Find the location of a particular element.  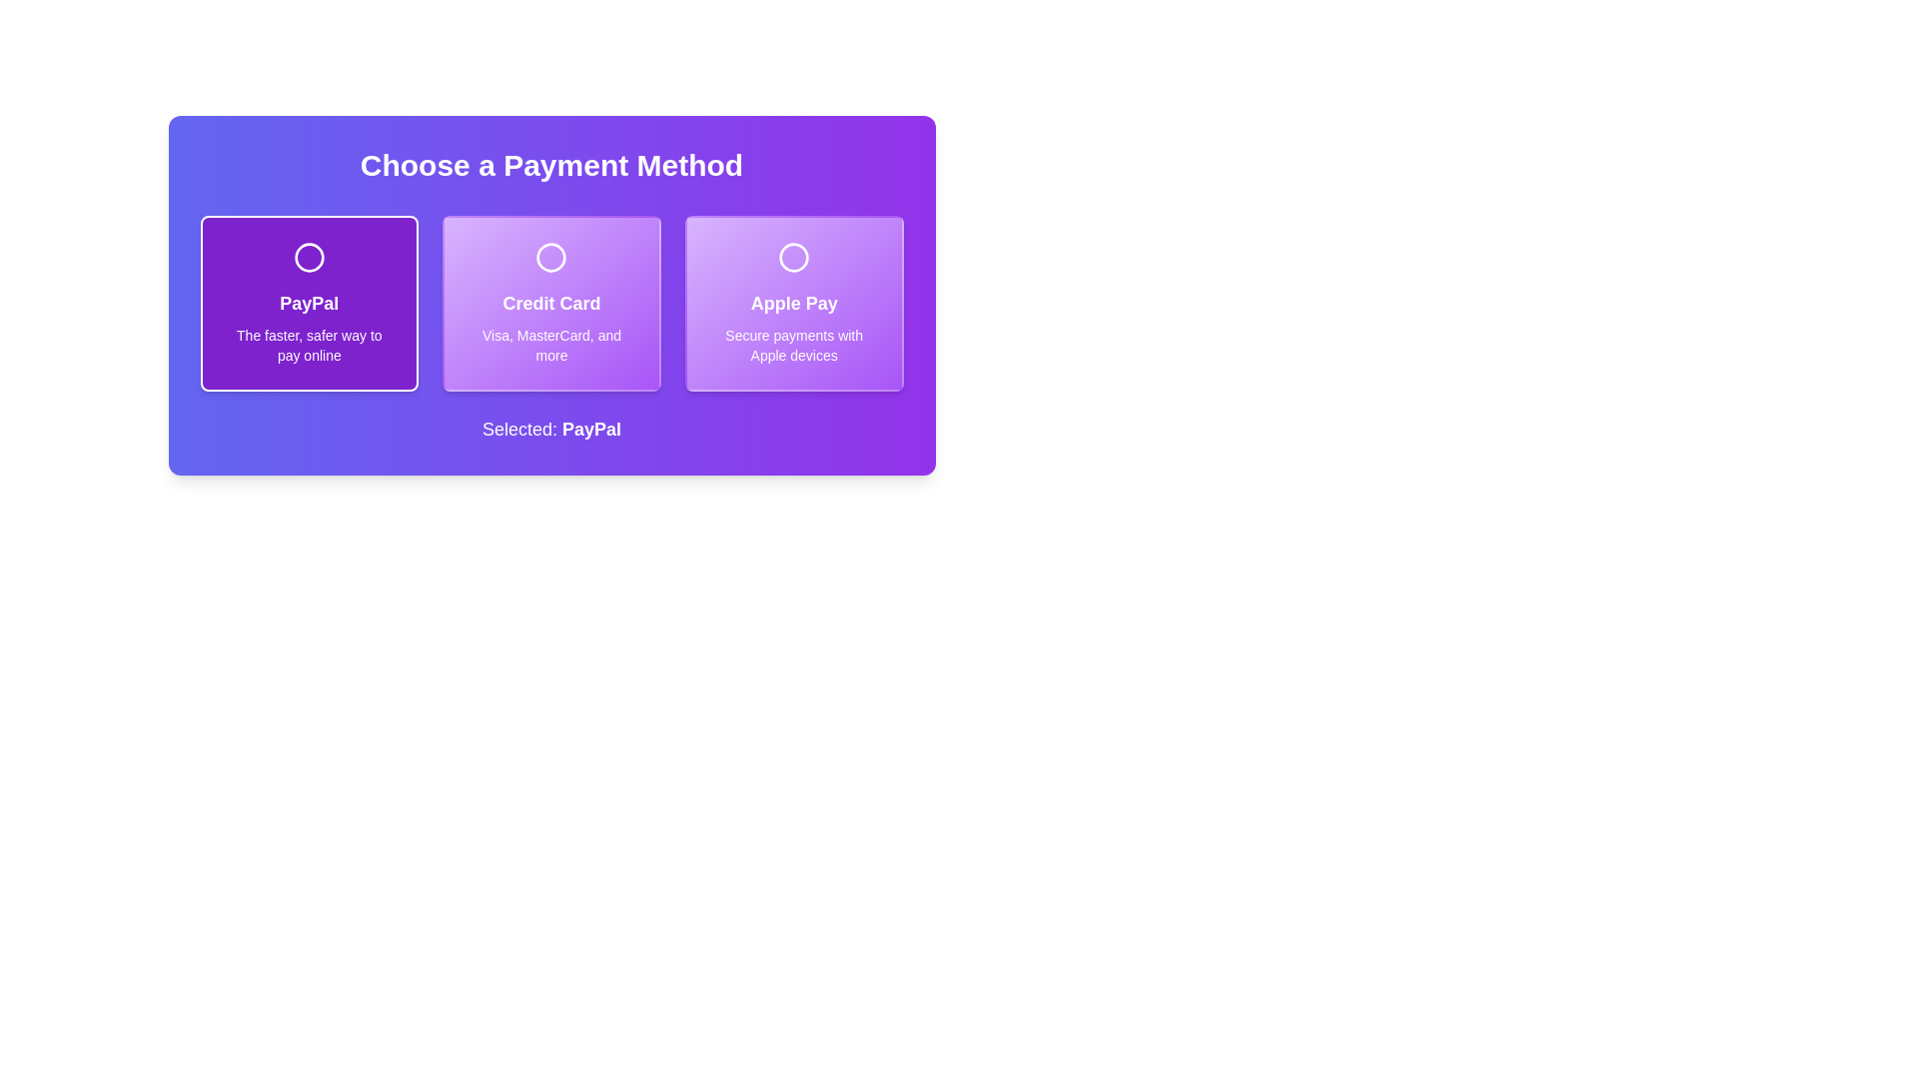

descriptive subtitle text located within the PayPal card, below the title 'PayPal' and an icon, centered horizontally and positioned towards the bottom of the card's contents is located at coordinates (308, 345).